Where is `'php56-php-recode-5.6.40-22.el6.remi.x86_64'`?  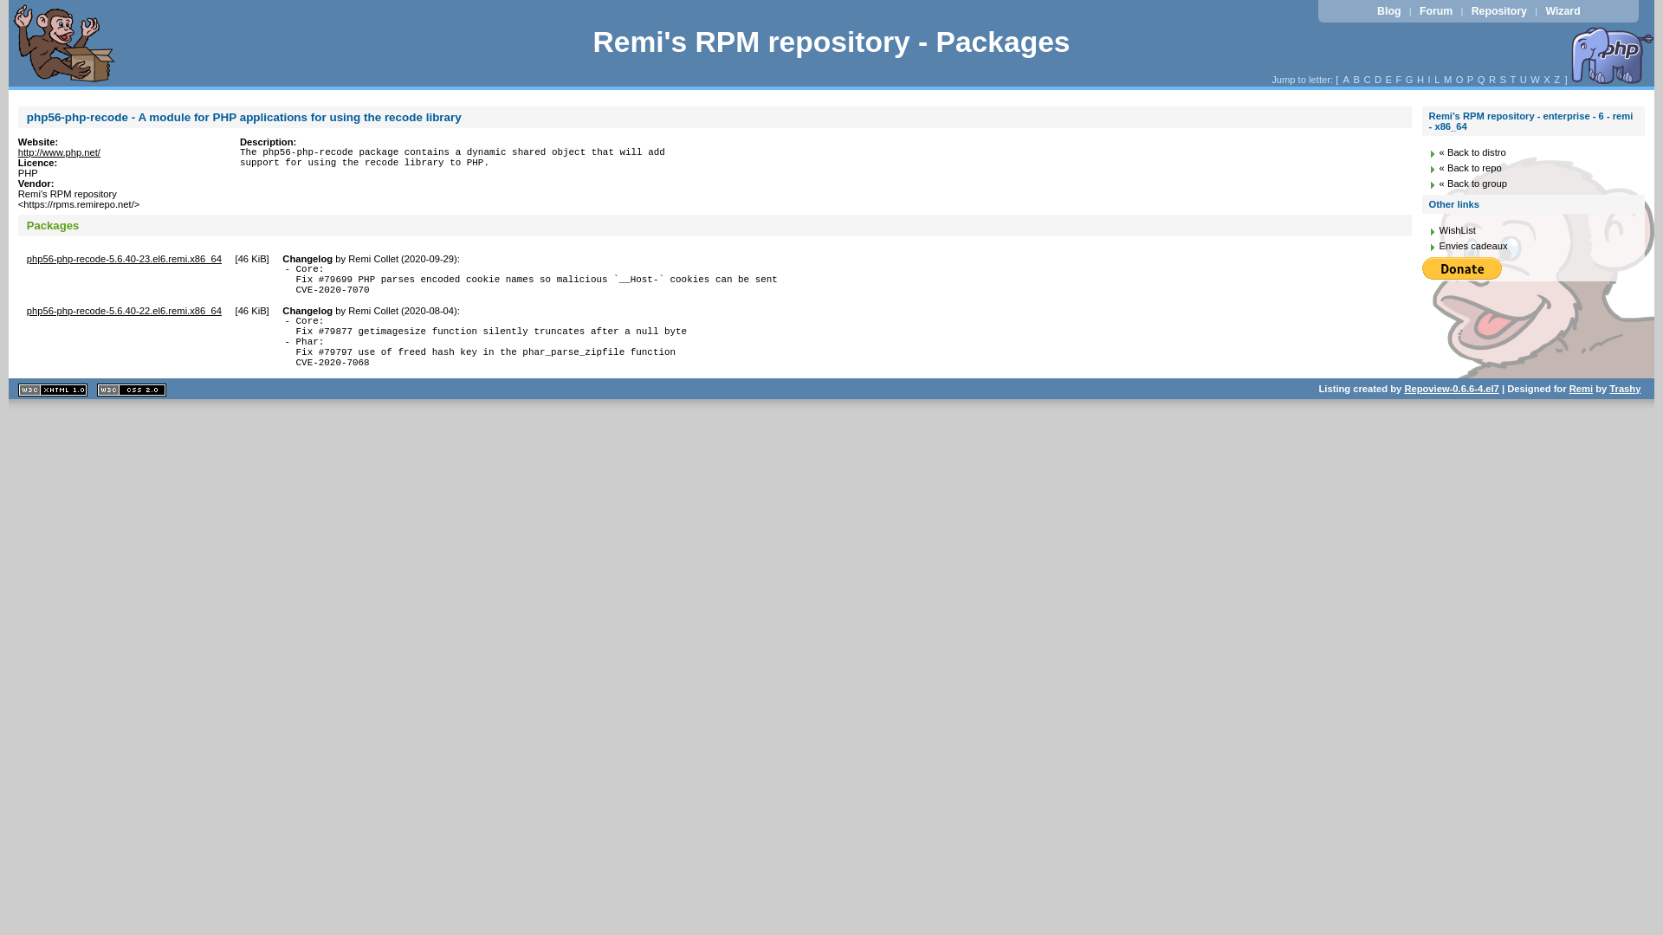
'php56-php-recode-5.6.40-22.el6.remi.x86_64' is located at coordinates (123, 309).